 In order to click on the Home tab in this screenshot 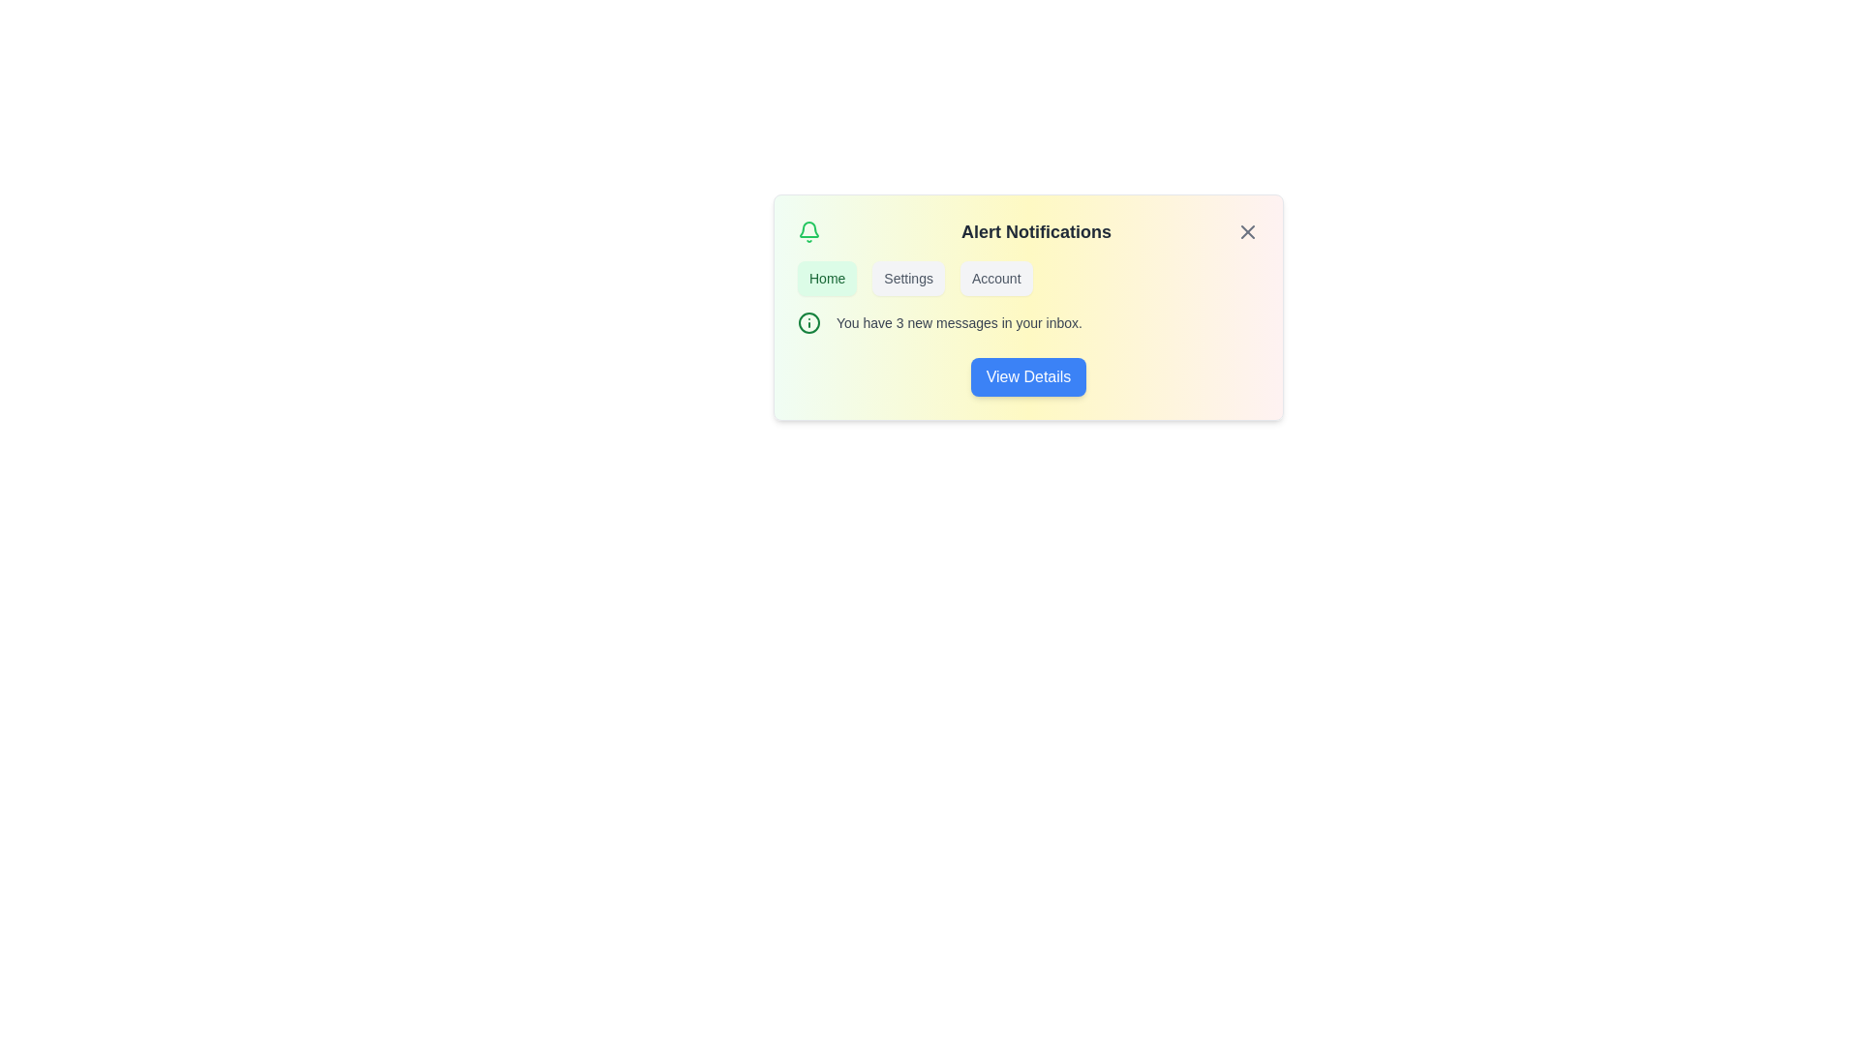, I will do `click(827, 279)`.